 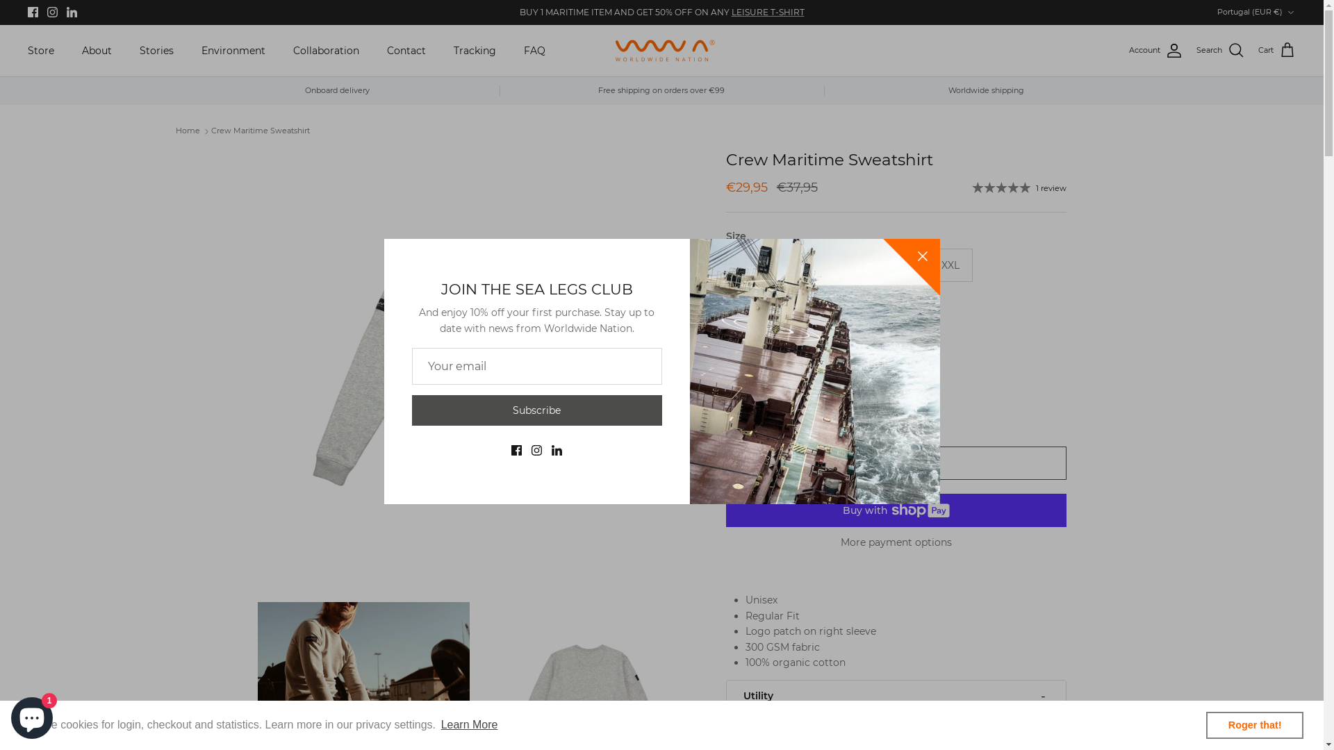 I want to click on 'Store', so click(x=40, y=50).